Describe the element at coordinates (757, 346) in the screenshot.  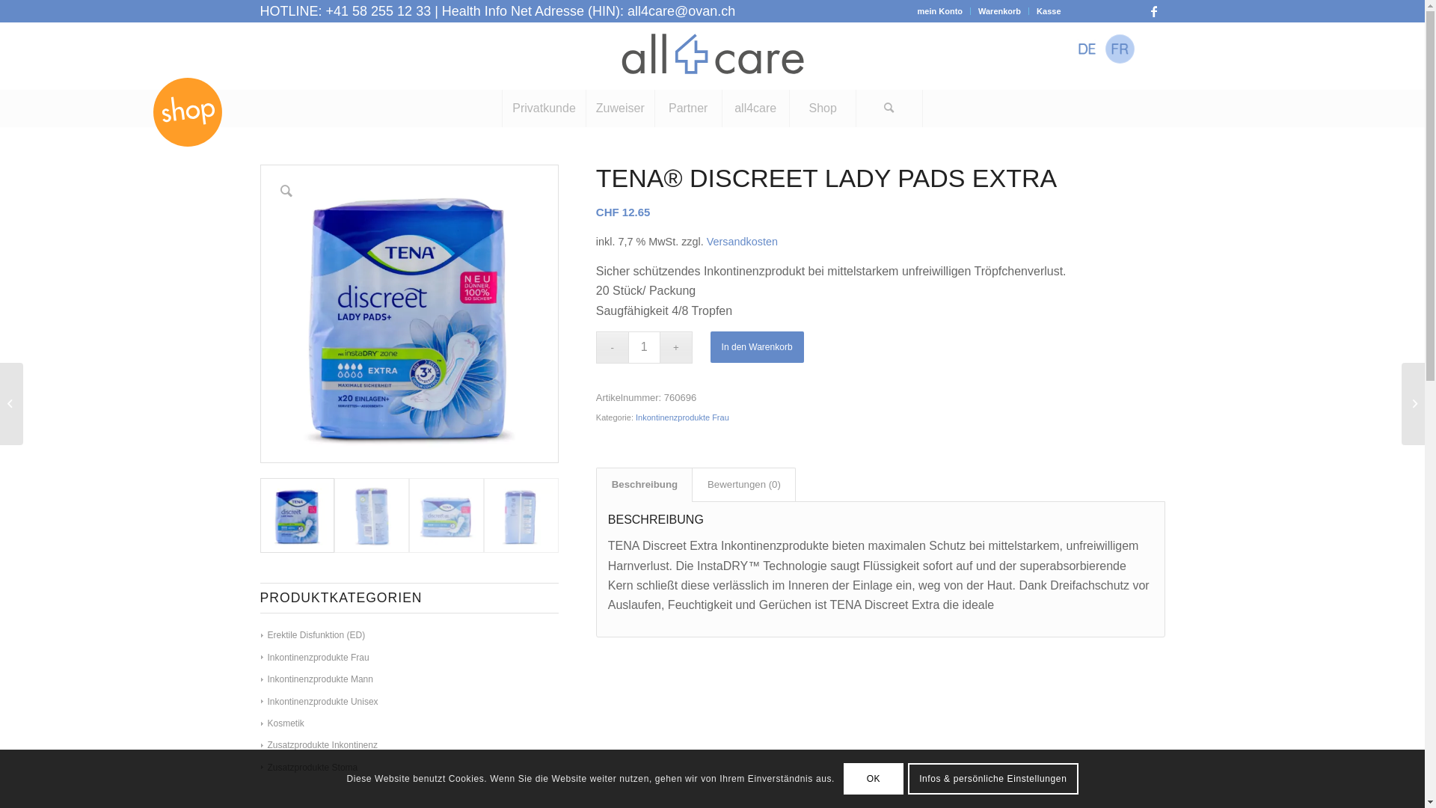
I see `'In den Warenkorb'` at that location.